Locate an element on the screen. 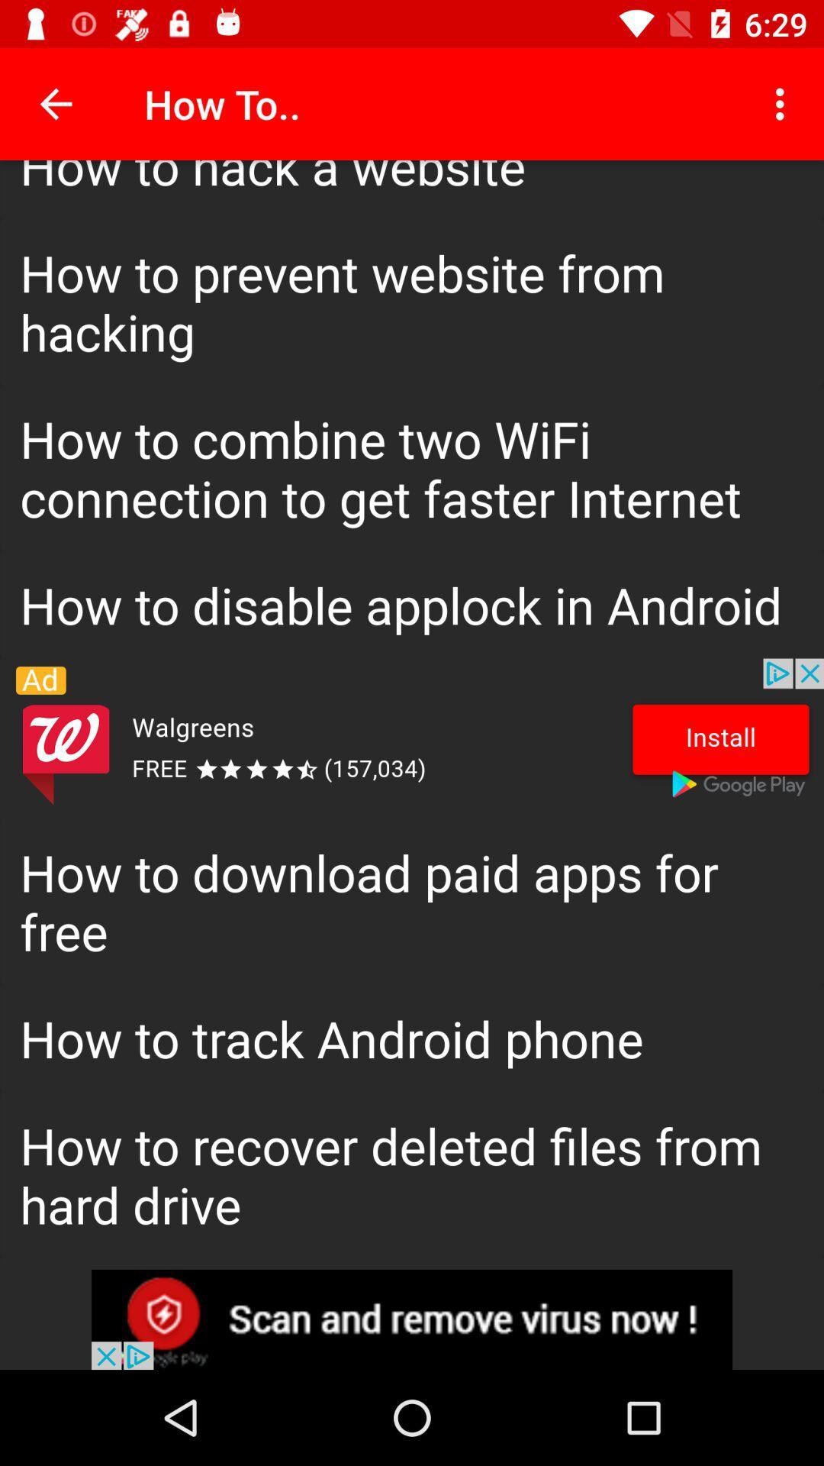  opens a advertisement is located at coordinates (412, 1319).